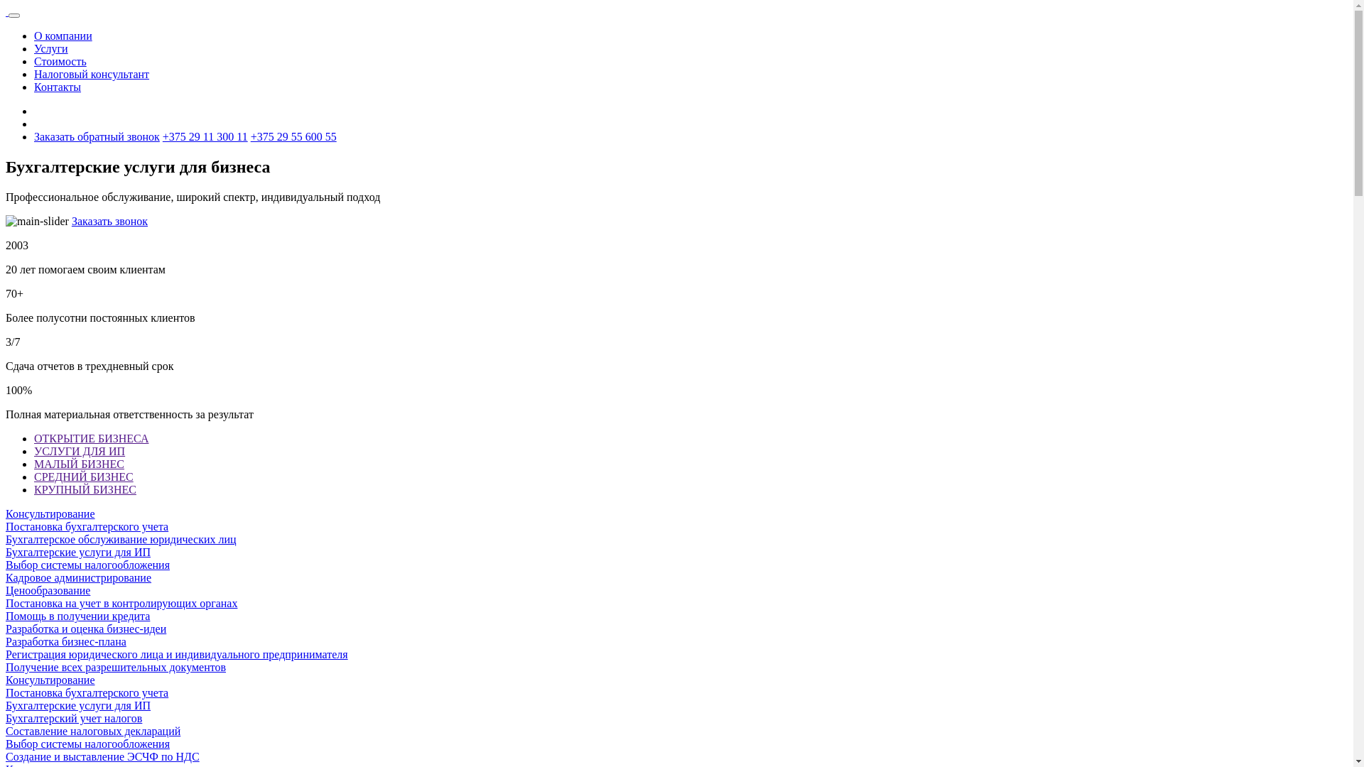 The width and height of the screenshot is (1364, 767). I want to click on '+375 29 55 600 55', so click(293, 136).